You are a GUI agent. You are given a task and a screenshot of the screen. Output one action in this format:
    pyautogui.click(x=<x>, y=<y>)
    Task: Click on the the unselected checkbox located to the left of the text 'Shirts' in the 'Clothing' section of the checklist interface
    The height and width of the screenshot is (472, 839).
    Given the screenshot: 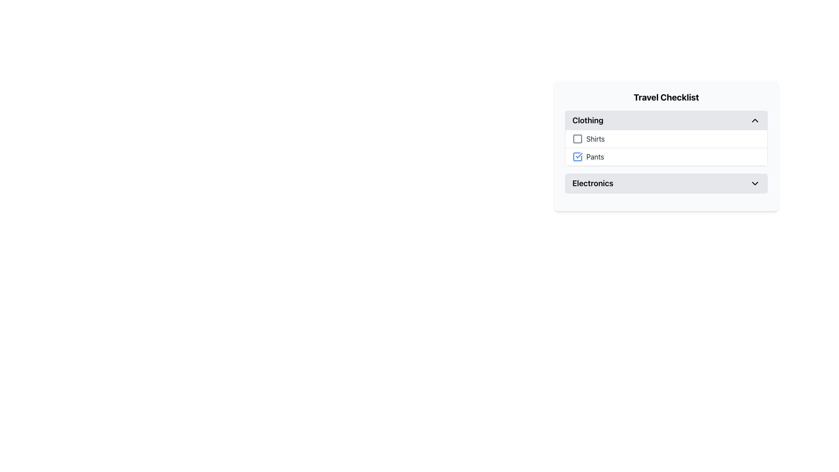 What is the action you would take?
    pyautogui.click(x=577, y=138)
    